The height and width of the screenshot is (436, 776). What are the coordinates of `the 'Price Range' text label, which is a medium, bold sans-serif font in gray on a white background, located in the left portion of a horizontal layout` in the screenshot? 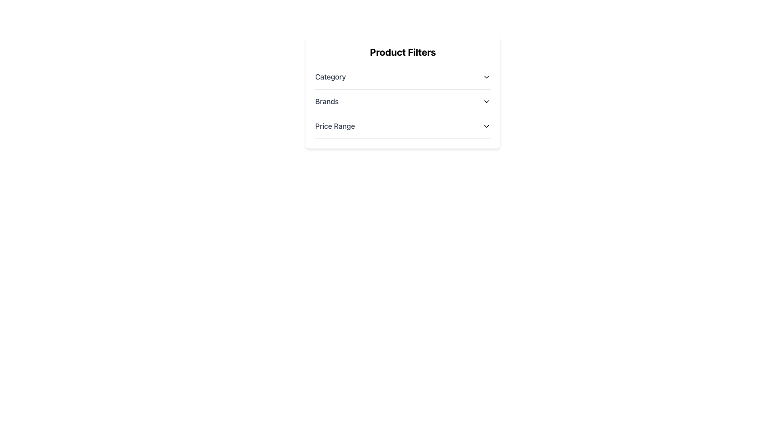 It's located at (335, 126).